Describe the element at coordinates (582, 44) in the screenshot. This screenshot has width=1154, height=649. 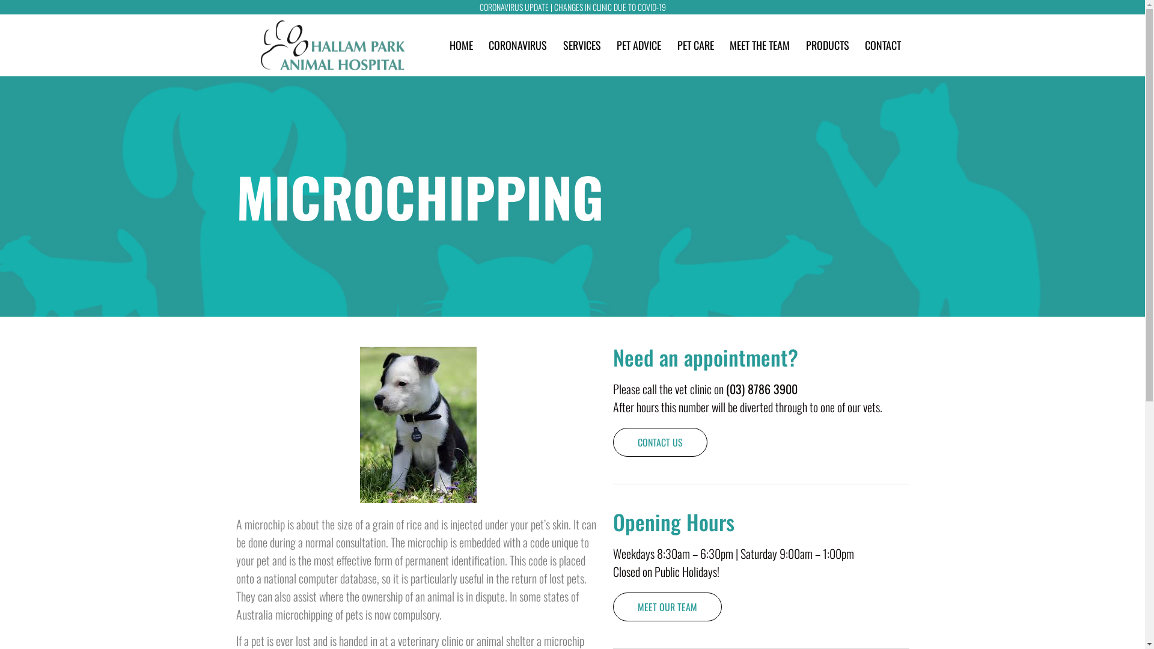
I see `'SERVICES'` at that location.